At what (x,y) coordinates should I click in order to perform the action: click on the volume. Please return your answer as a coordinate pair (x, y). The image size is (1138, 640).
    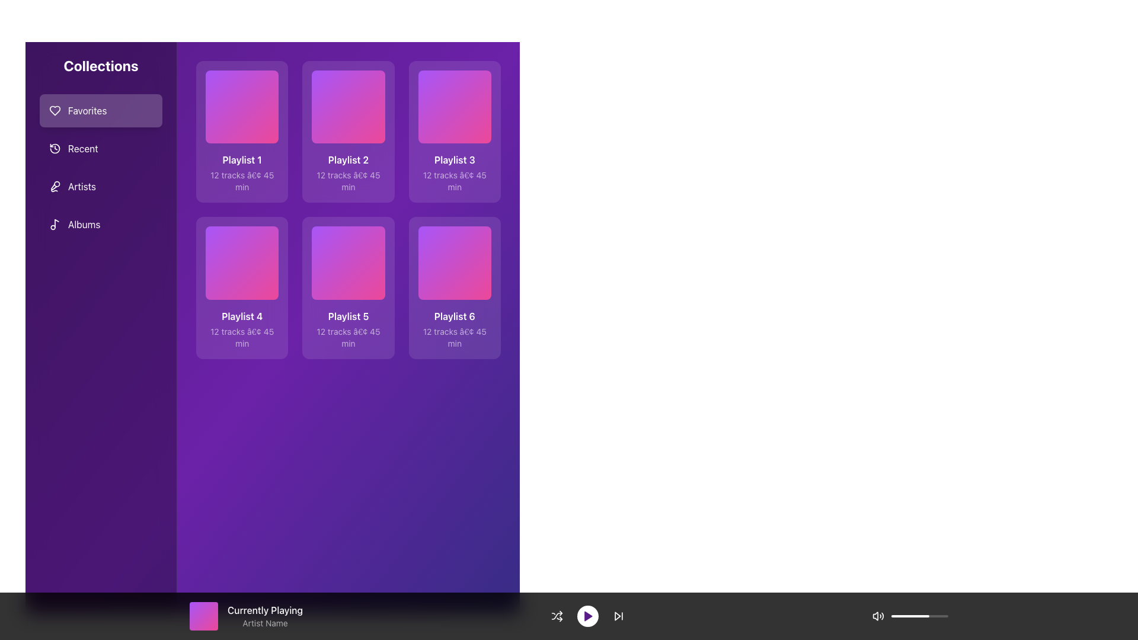
    Looking at the image, I should click on (891, 616).